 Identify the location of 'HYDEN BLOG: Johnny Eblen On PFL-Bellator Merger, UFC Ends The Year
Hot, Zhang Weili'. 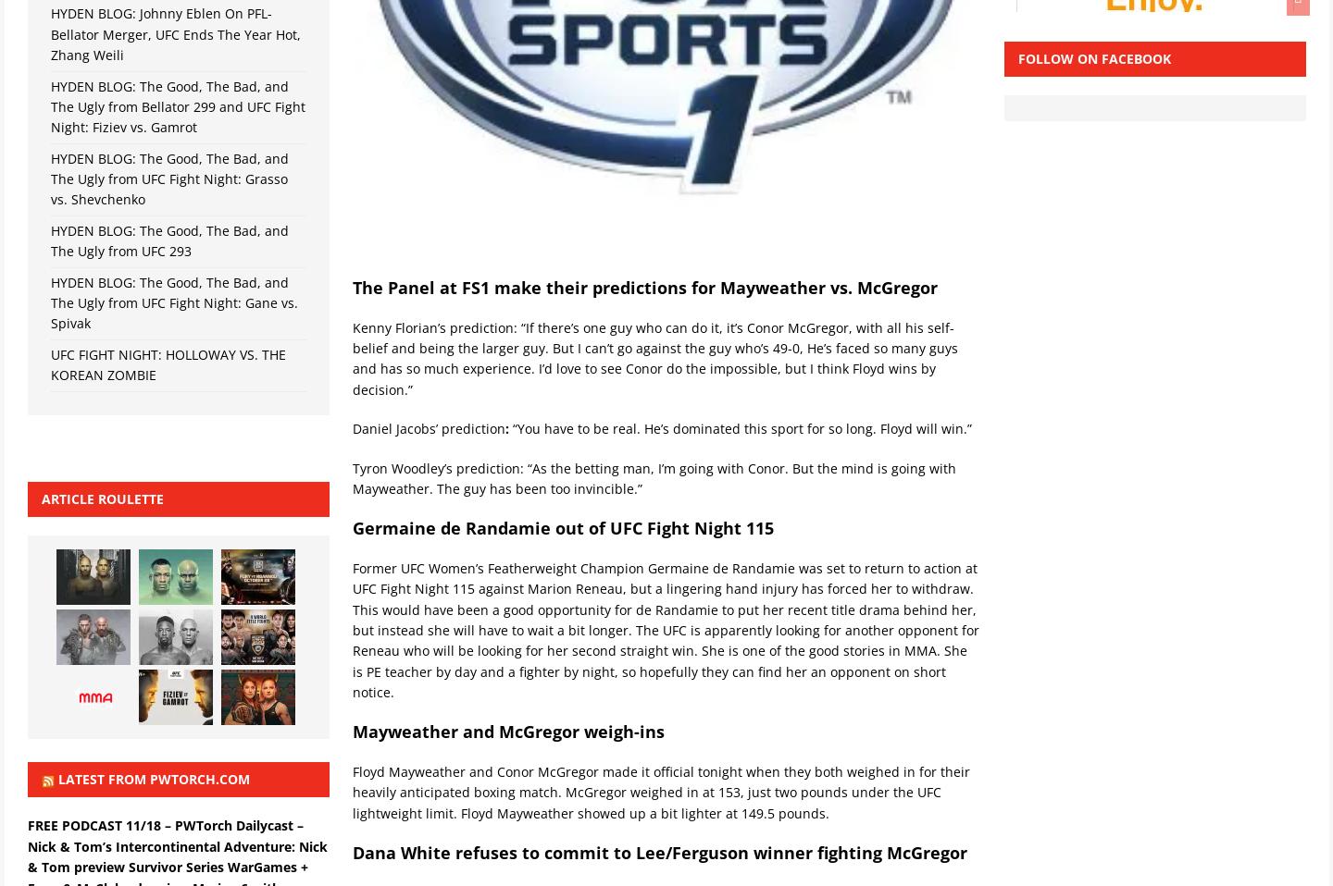
(175, 32).